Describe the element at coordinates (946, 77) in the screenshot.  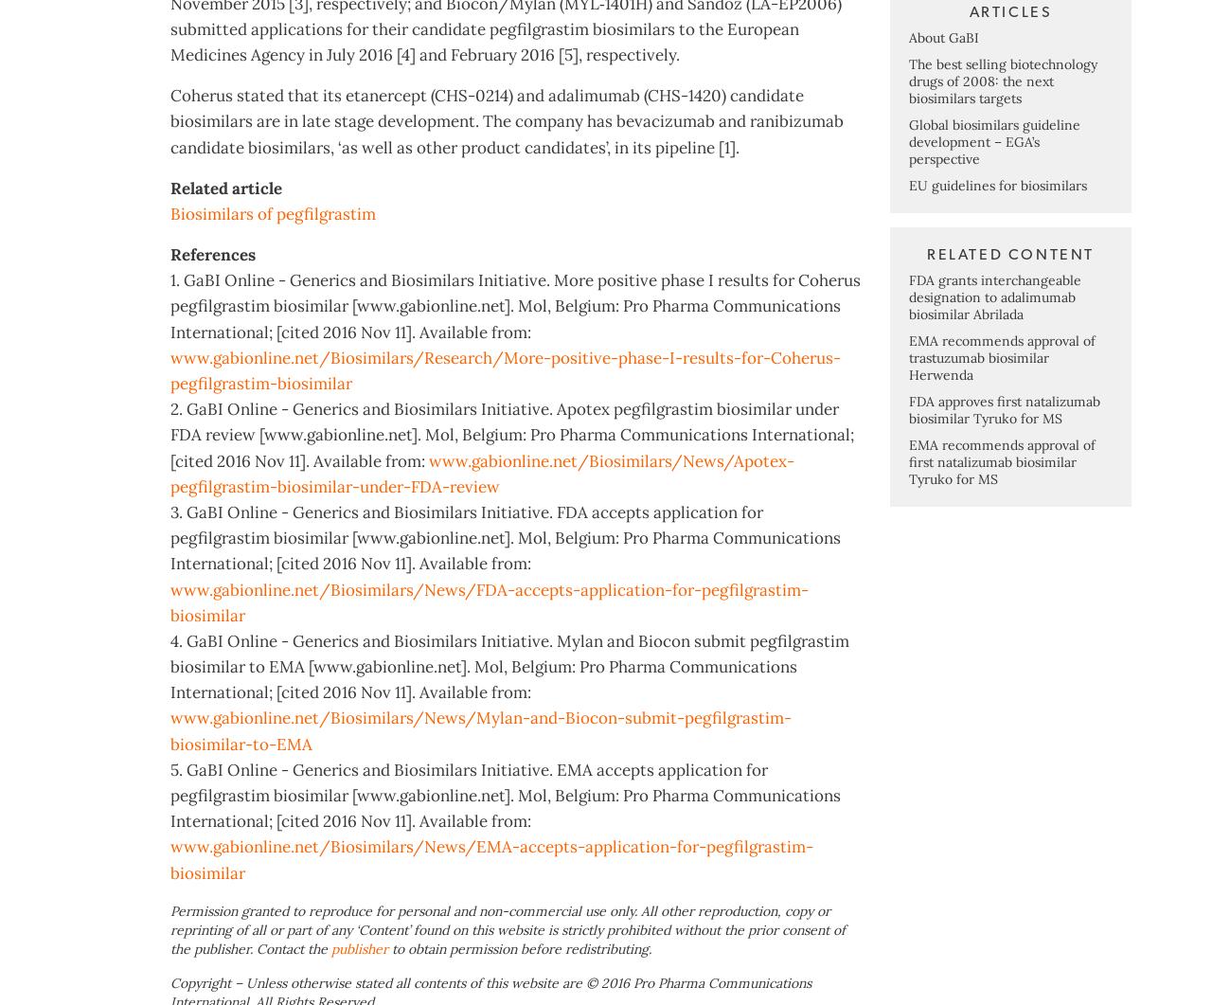
I see `'Most viewed articles'` at that location.